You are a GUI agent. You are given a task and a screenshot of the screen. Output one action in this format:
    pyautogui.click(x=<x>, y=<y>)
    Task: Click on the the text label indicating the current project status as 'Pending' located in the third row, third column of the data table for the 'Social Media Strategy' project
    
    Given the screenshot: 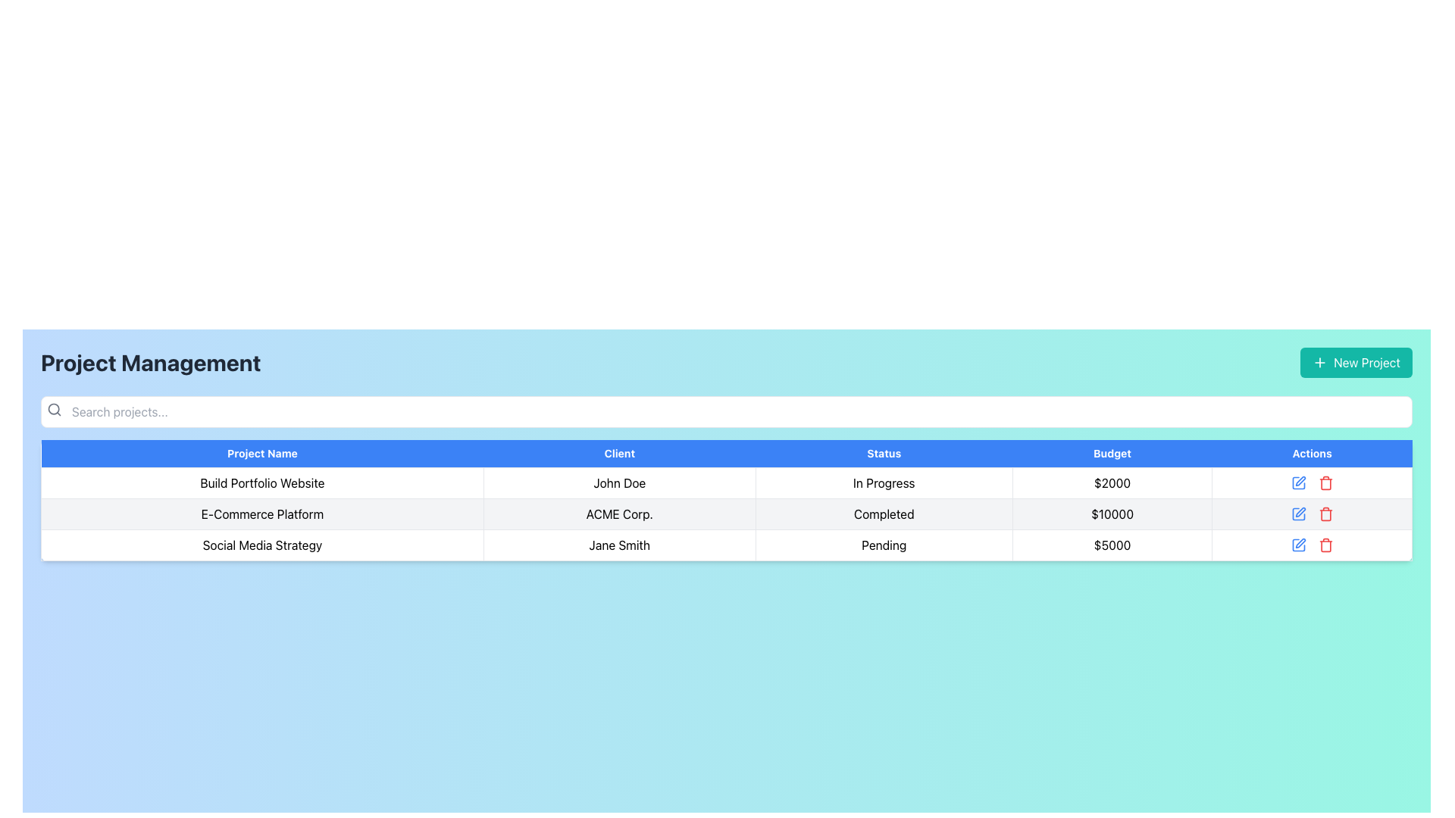 What is the action you would take?
    pyautogui.click(x=884, y=545)
    